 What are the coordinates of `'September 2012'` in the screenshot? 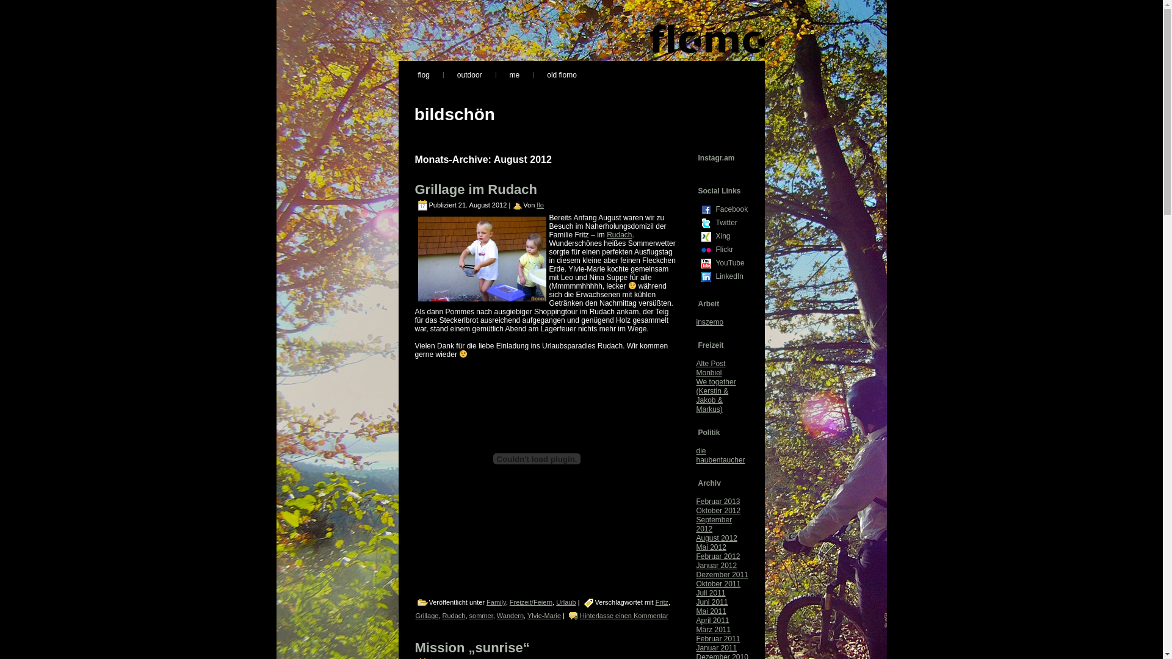 It's located at (714, 524).